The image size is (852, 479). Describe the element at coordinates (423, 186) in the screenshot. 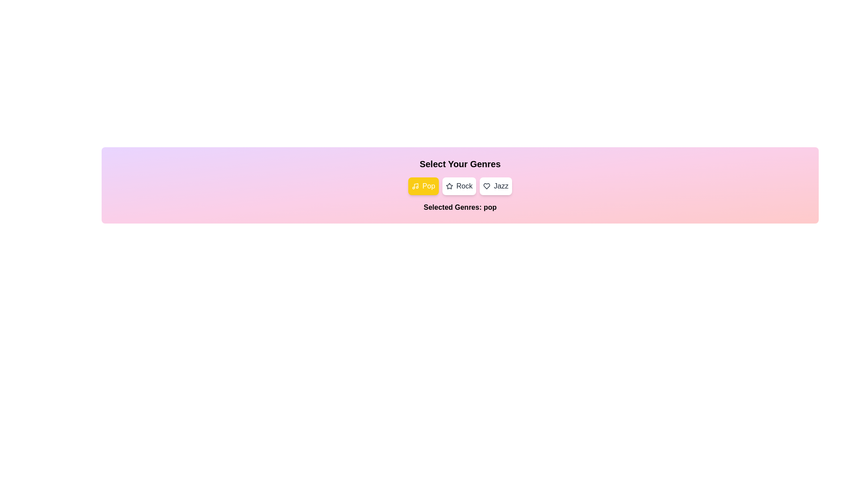

I see `the Pop button to observe its hover effect` at that location.